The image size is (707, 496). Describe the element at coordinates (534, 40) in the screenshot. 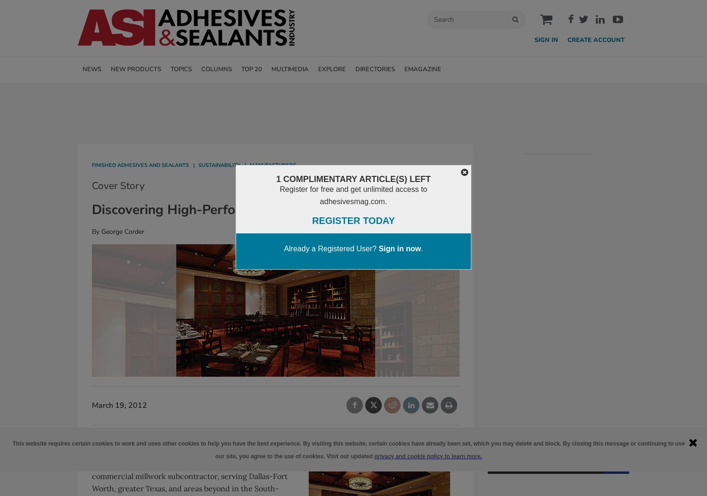

I see `'Sign In'` at that location.